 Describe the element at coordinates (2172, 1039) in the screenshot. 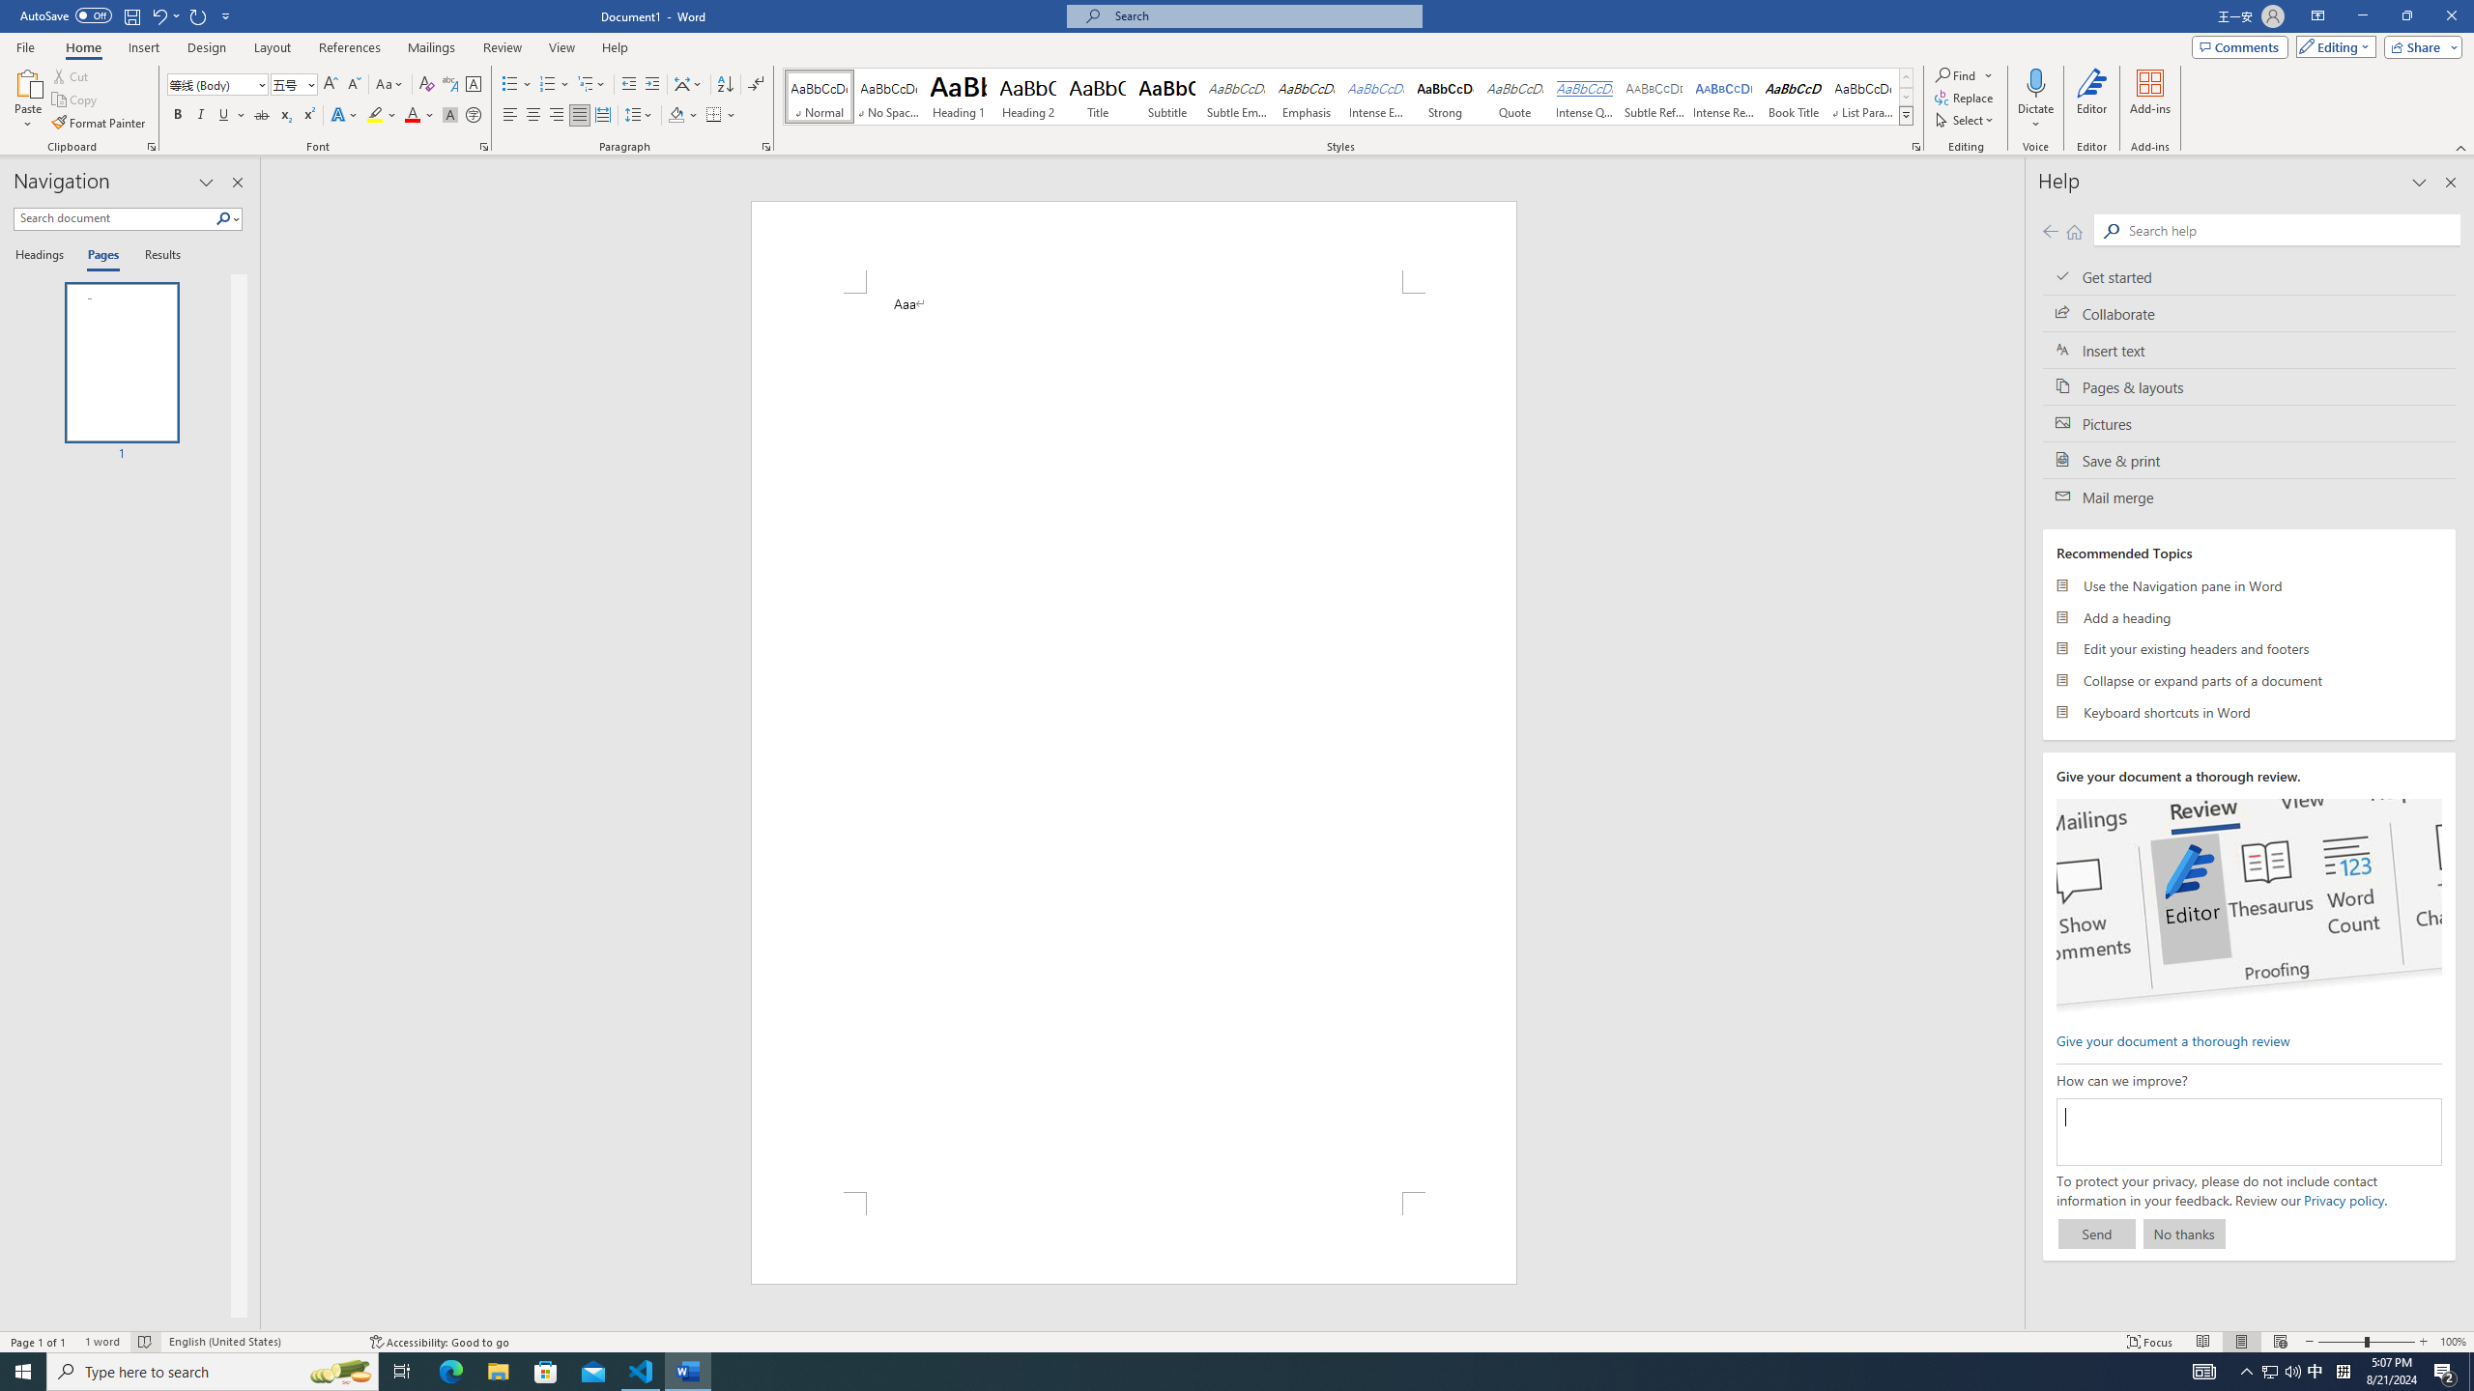

I see `'Give your document a thorough review'` at that location.